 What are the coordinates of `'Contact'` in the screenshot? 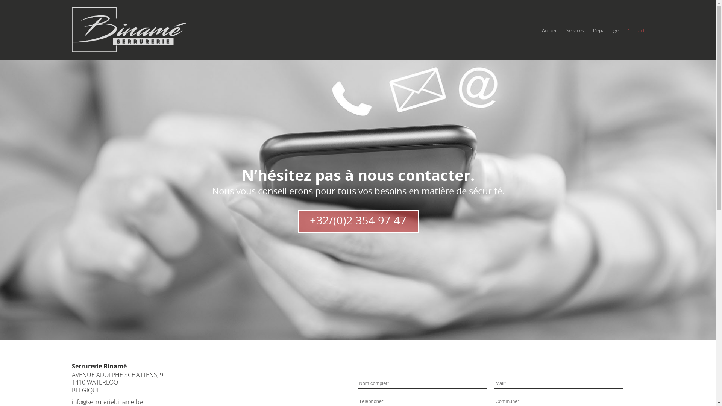 It's located at (628, 30).